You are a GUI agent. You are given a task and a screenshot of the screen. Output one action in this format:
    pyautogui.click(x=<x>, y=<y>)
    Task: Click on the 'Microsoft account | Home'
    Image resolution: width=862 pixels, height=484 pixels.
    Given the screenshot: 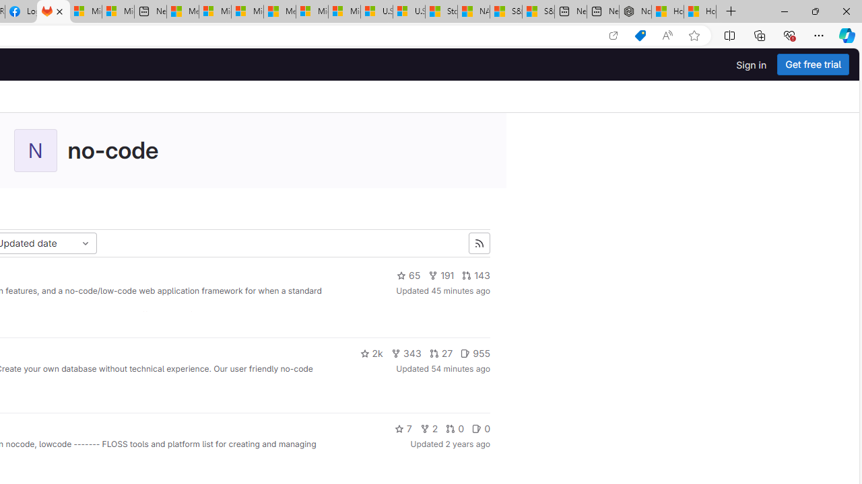 What is the action you would take?
    pyautogui.click(x=247, y=11)
    